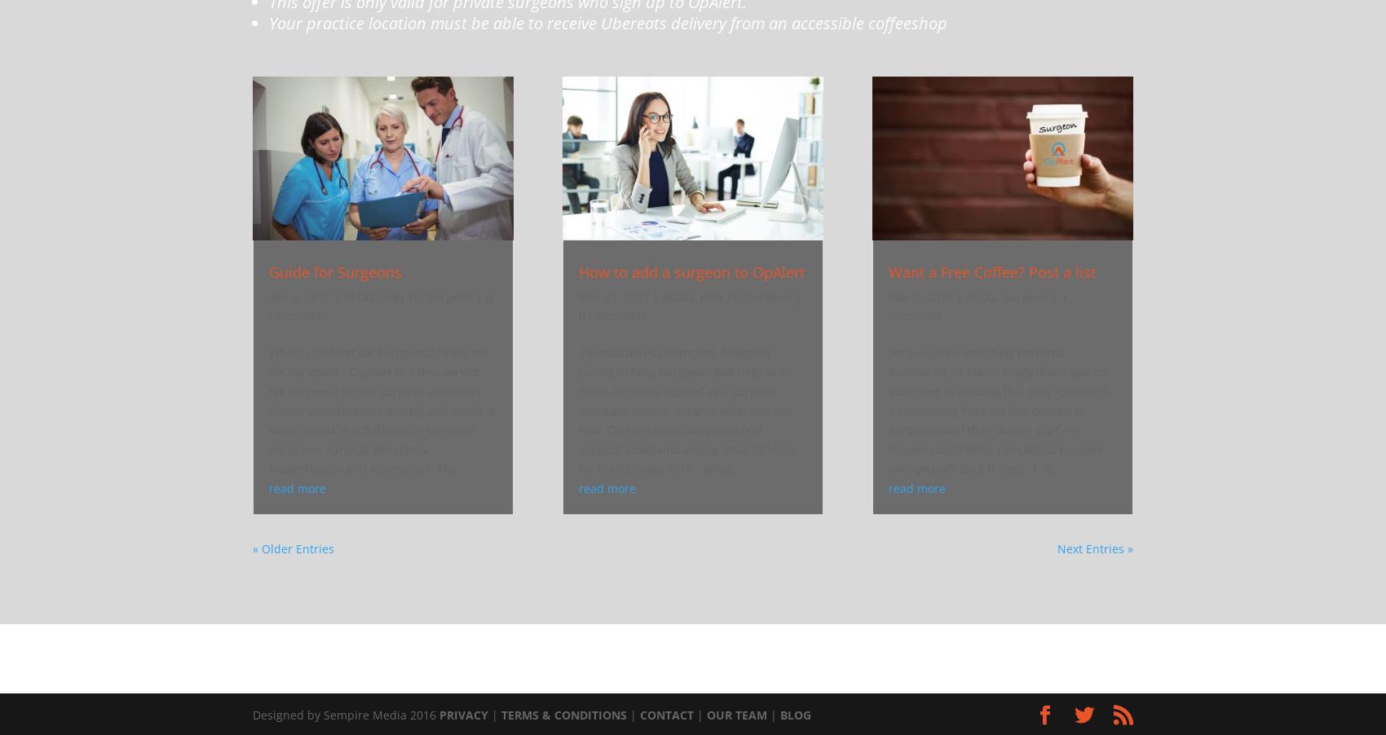 The width and height of the screenshot is (1386, 735). What do you see at coordinates (737, 715) in the screenshot?
I see `'OUR TEAM'` at bounding box center [737, 715].